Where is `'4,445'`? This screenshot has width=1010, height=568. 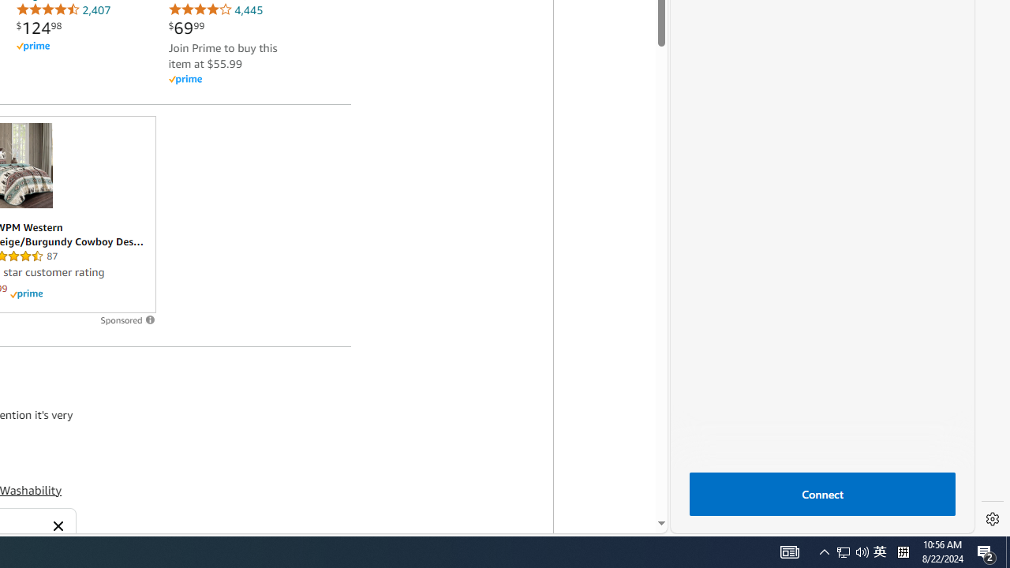
'4,445' is located at coordinates (215, 9).